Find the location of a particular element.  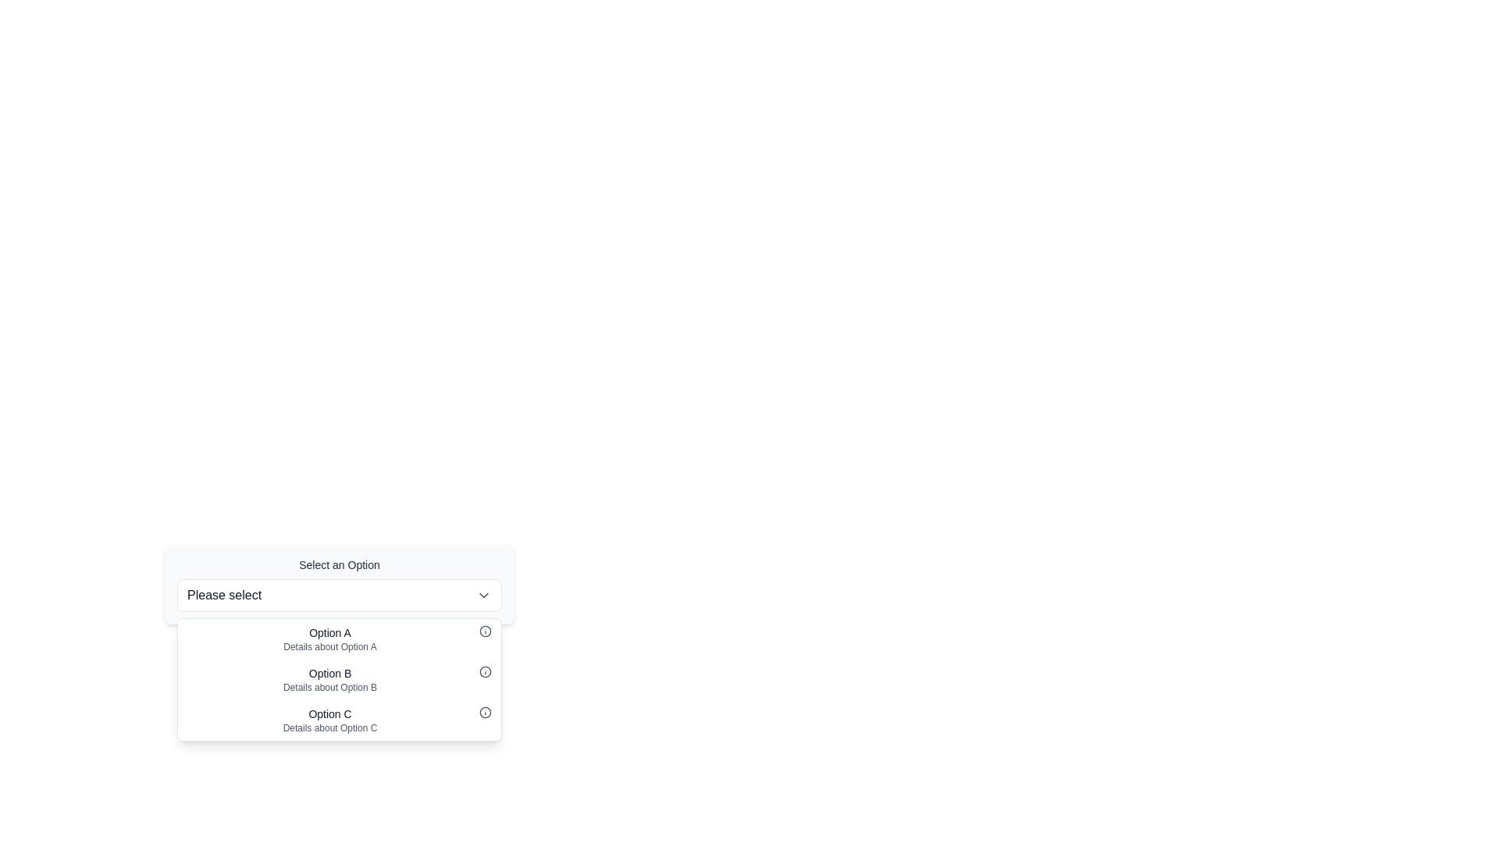

the text label that displays 'Details about Option B', which is styled in a smaller light gray font and is located directly beneath 'Option B' in the dropdown menu is located at coordinates (329, 686).